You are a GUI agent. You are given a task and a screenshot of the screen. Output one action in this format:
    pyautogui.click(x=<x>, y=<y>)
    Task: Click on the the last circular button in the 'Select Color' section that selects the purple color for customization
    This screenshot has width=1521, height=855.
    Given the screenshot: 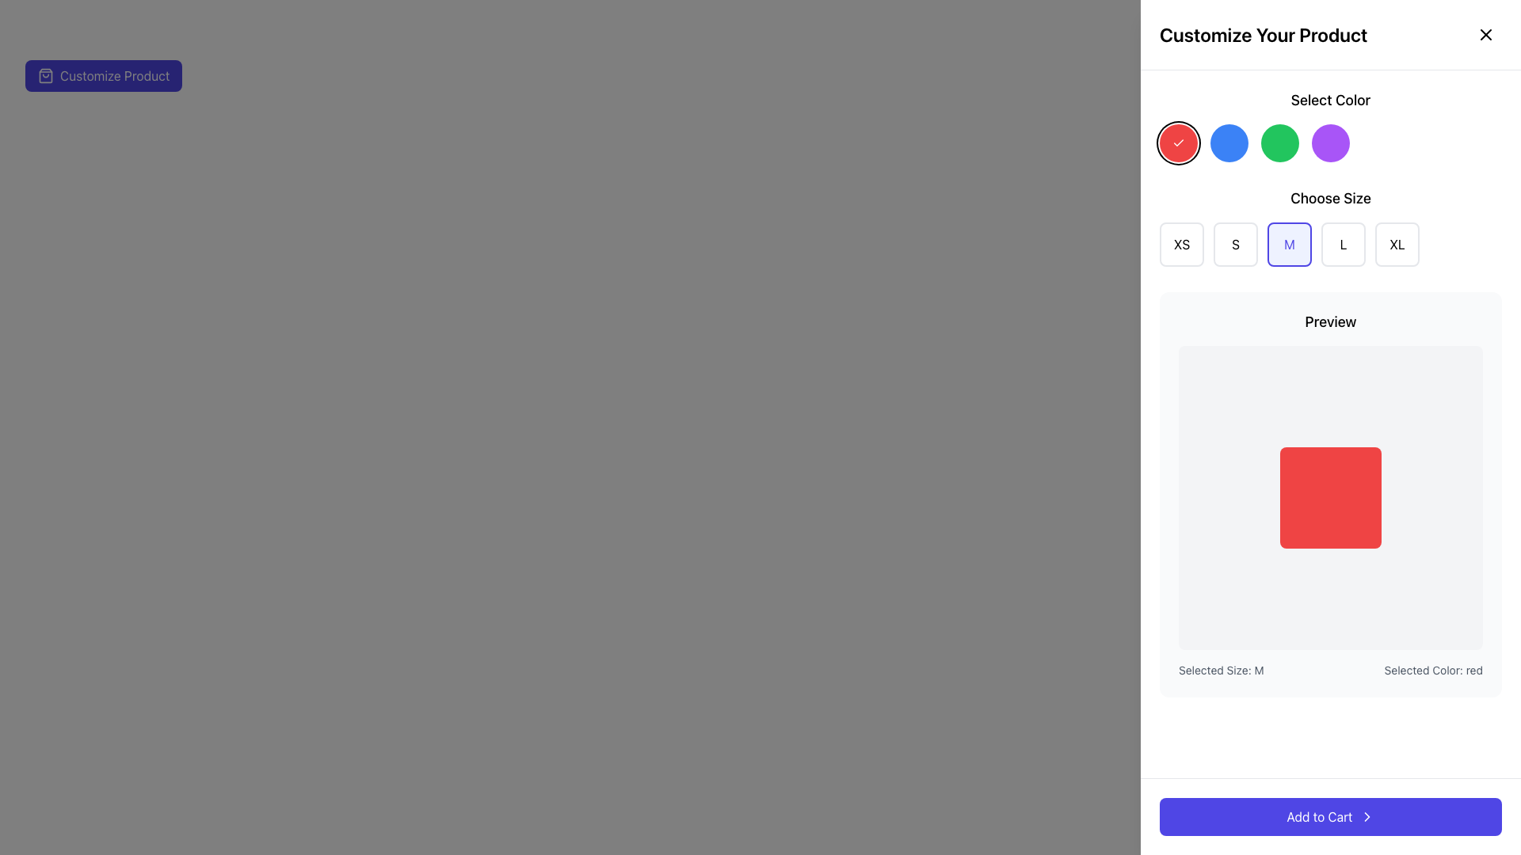 What is the action you would take?
    pyautogui.click(x=1331, y=143)
    